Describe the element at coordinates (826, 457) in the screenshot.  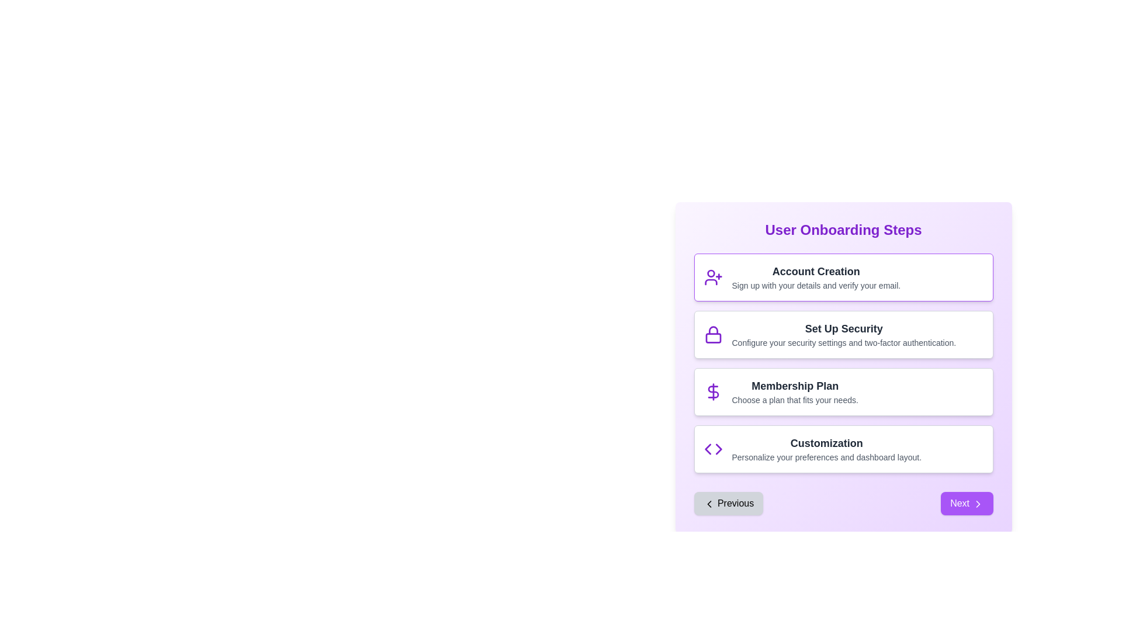
I see `descriptive text located beneath the title in the fourth onboarding step labeled 'Customization'` at that location.